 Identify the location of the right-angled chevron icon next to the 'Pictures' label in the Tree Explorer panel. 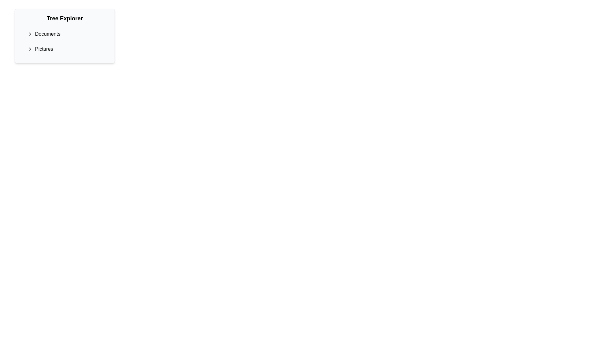
(30, 49).